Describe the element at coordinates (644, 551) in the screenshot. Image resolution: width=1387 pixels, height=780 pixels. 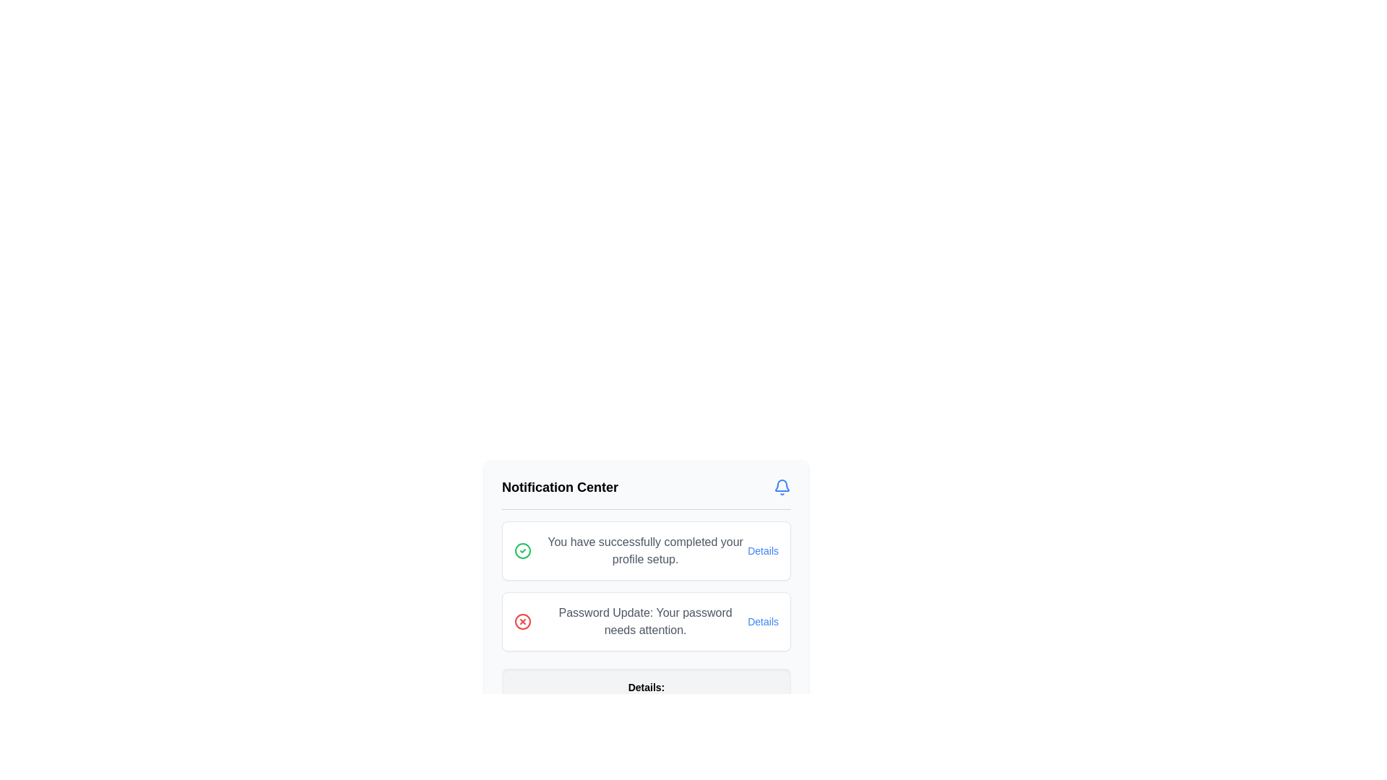
I see `the static text that displays the message 'You have successfully completed your profile setup.' within the Notification Center` at that location.